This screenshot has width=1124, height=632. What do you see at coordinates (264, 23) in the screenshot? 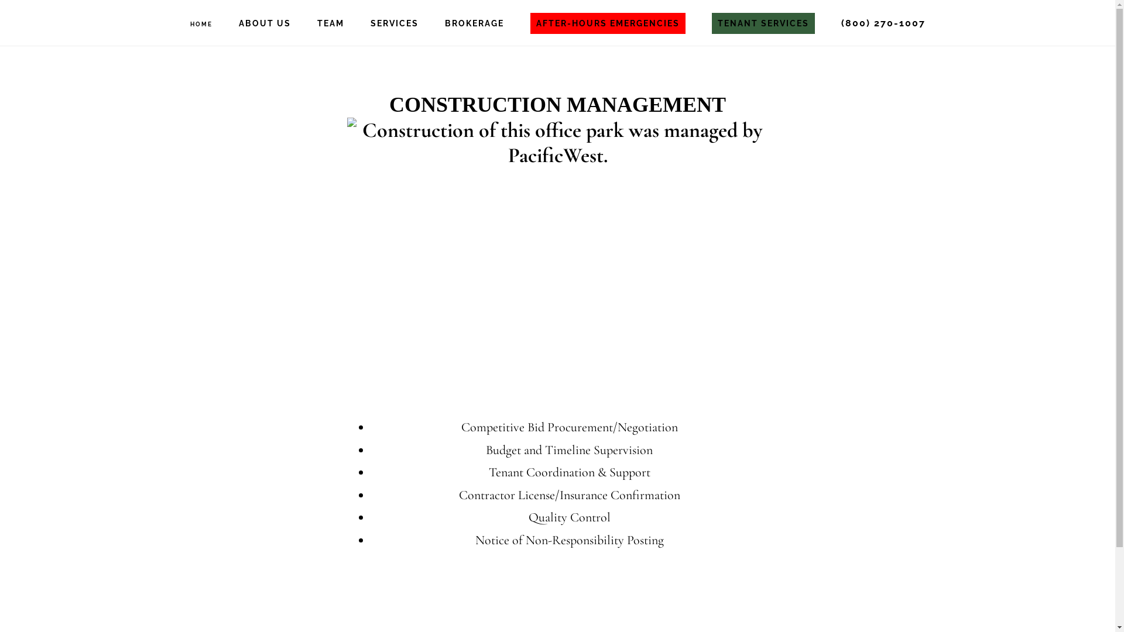
I see `'ABOUT US'` at bounding box center [264, 23].